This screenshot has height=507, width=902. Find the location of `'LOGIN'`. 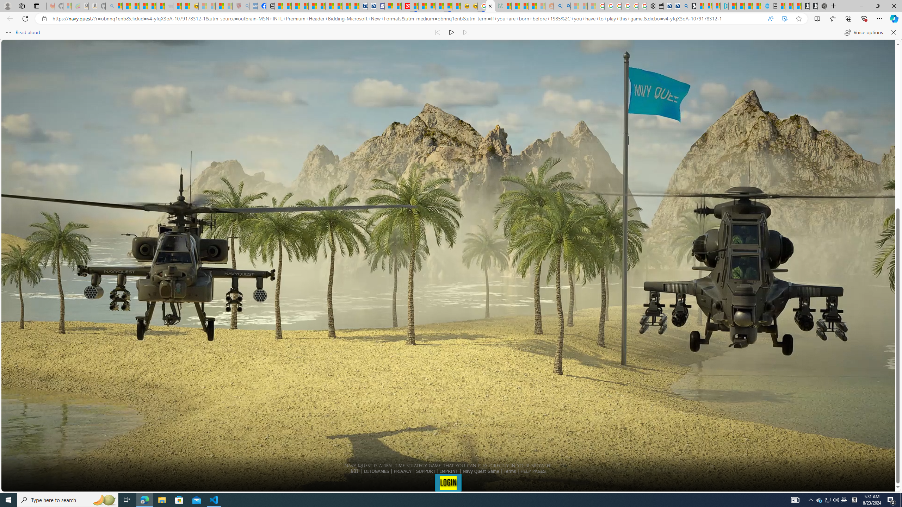

'LOGIN' is located at coordinates (448, 482).